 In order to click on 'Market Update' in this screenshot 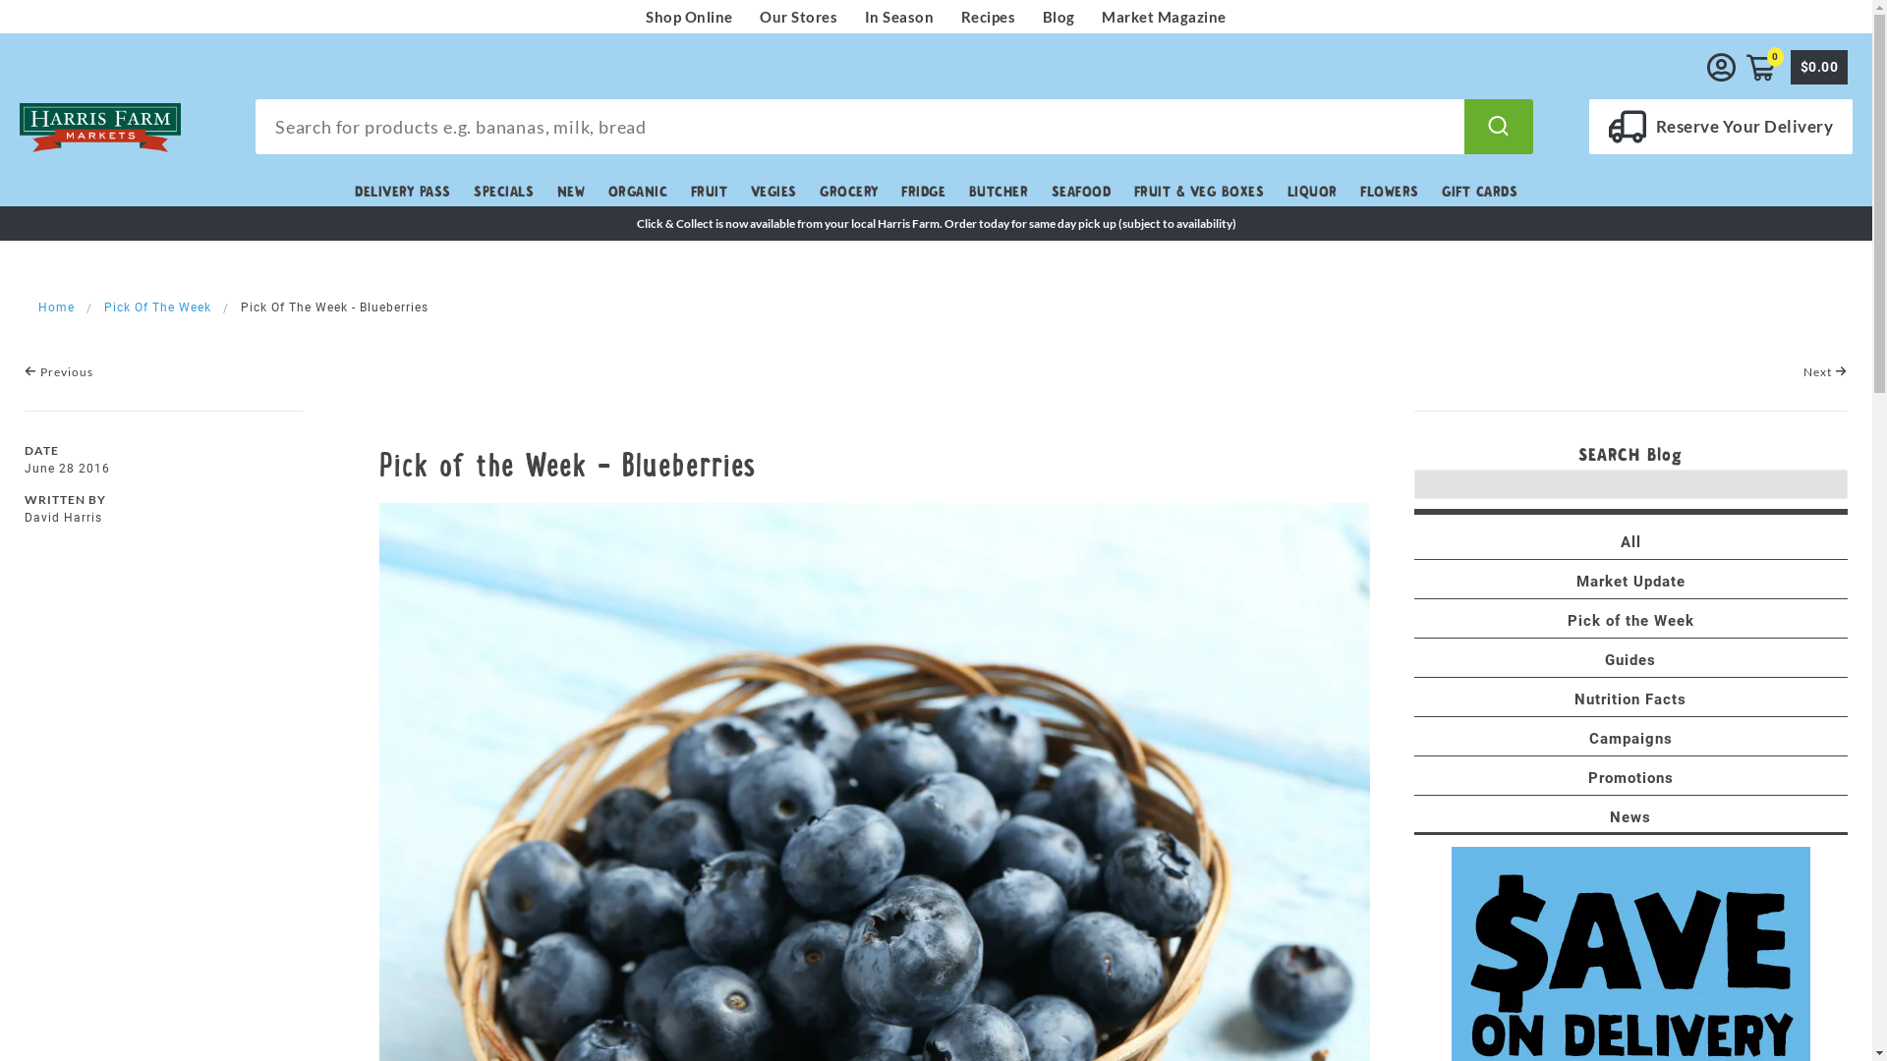, I will do `click(1630, 580)`.